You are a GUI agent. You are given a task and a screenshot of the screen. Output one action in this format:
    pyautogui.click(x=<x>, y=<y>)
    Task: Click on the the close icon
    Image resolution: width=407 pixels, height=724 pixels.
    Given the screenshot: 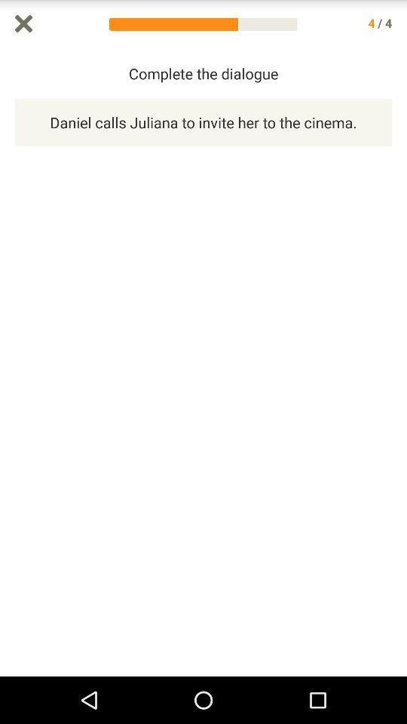 What is the action you would take?
    pyautogui.click(x=23, y=24)
    